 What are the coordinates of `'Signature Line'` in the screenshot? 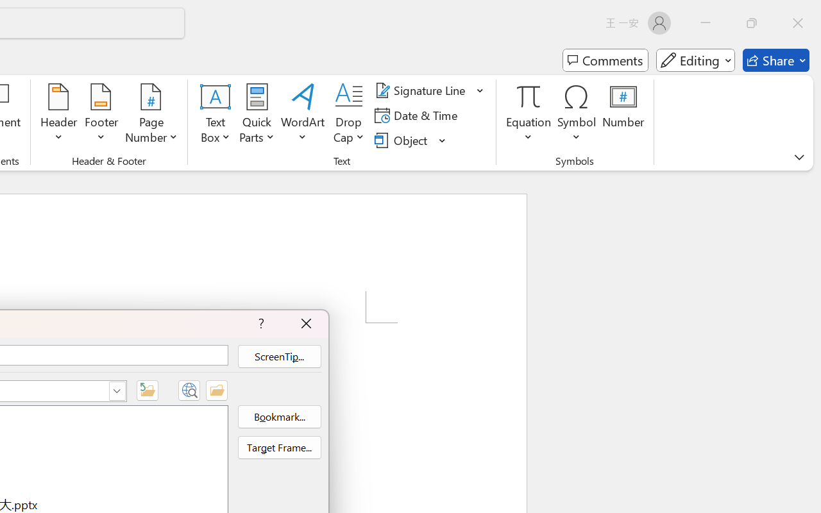 It's located at (422, 90).